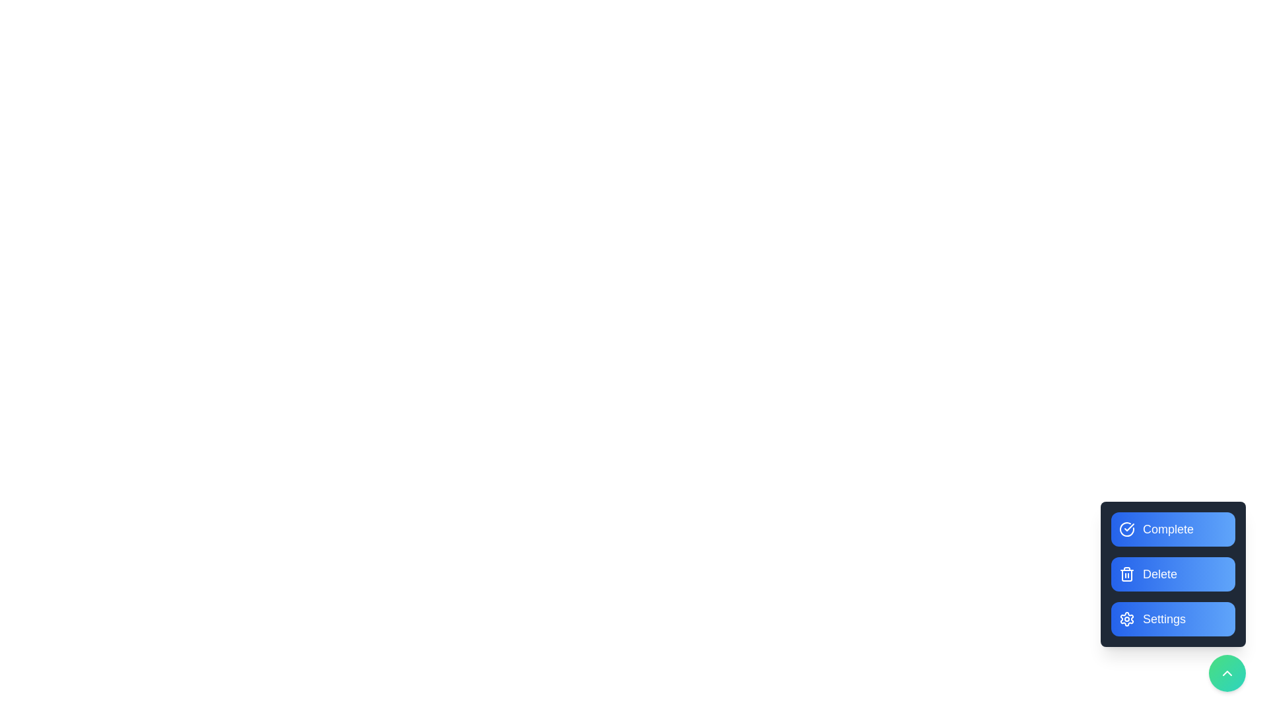 The height and width of the screenshot is (713, 1267). I want to click on 'Settings' button to open the task settings, so click(1173, 619).